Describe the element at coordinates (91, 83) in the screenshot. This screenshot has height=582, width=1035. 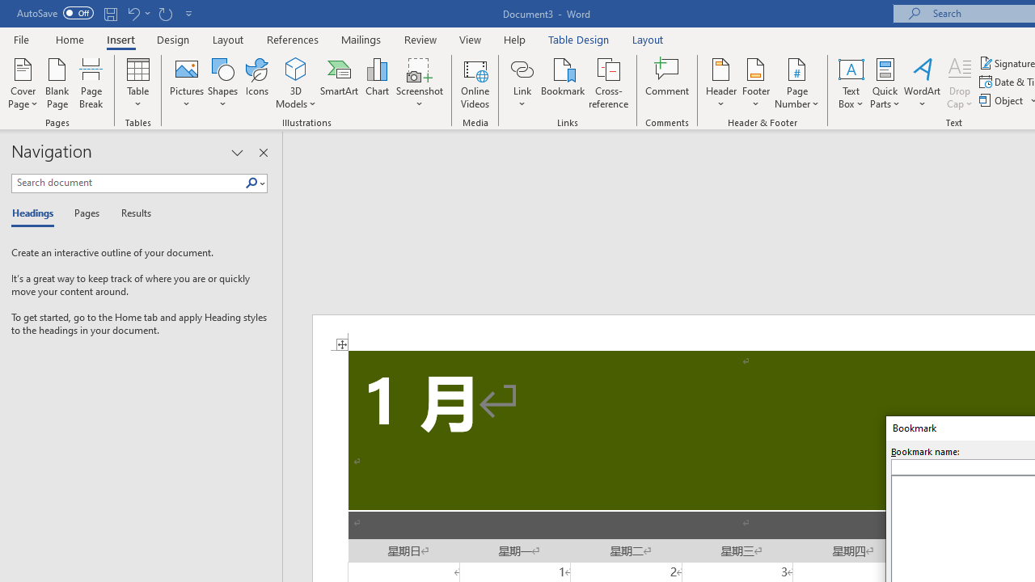
I see `'Page Break'` at that location.